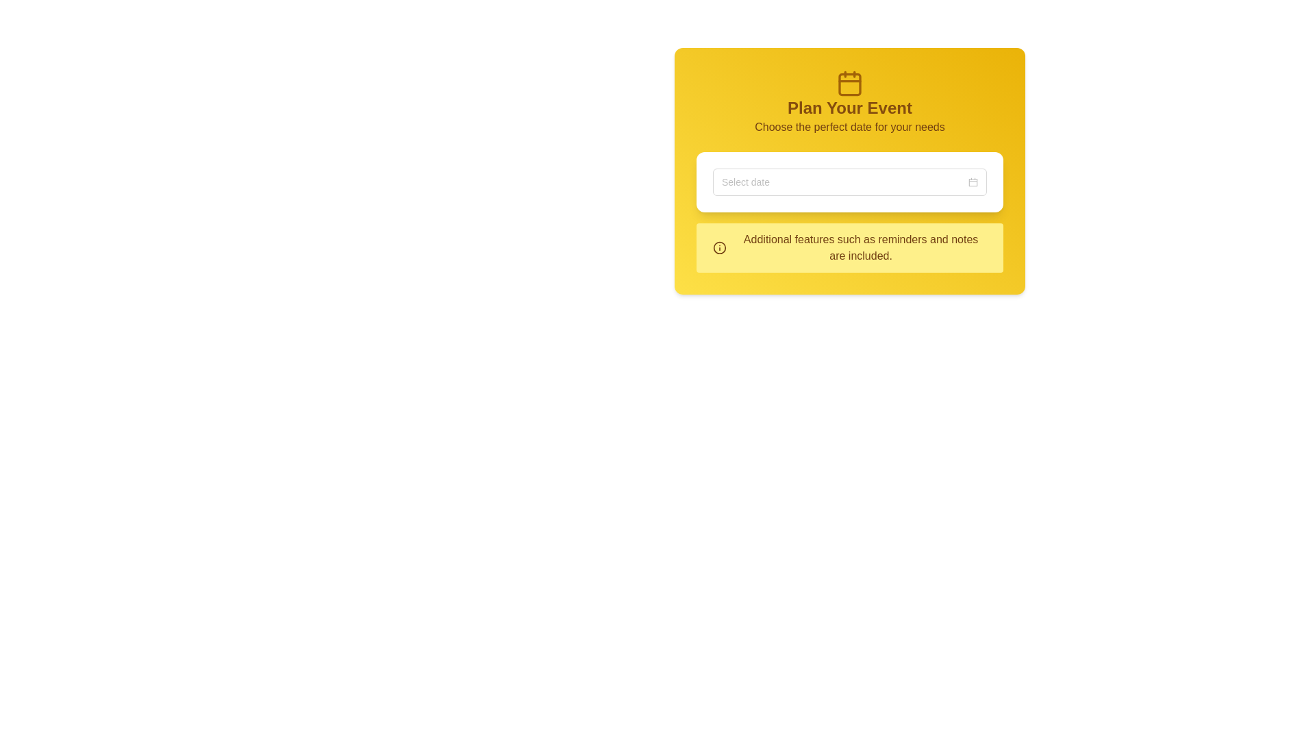 This screenshot has height=740, width=1315. I want to click on the date selection icon located at the right edge of the input field within the yellow event planning card, so click(972, 182).